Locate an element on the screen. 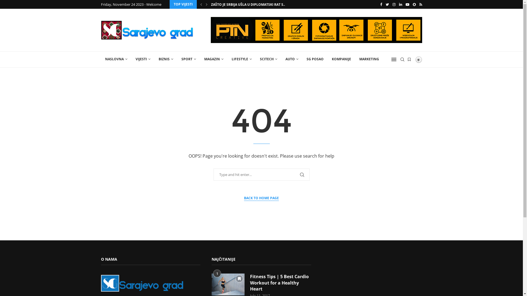 Image resolution: width=527 pixels, height=296 pixels. 'Fitness Tips | 5 Best Cardio Workout for a Healthy Heart' is located at coordinates (228, 284).